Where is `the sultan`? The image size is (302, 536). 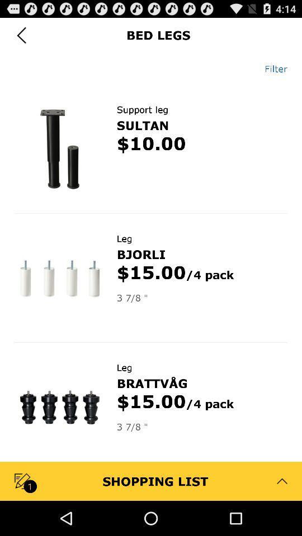 the sultan is located at coordinates (143, 125).